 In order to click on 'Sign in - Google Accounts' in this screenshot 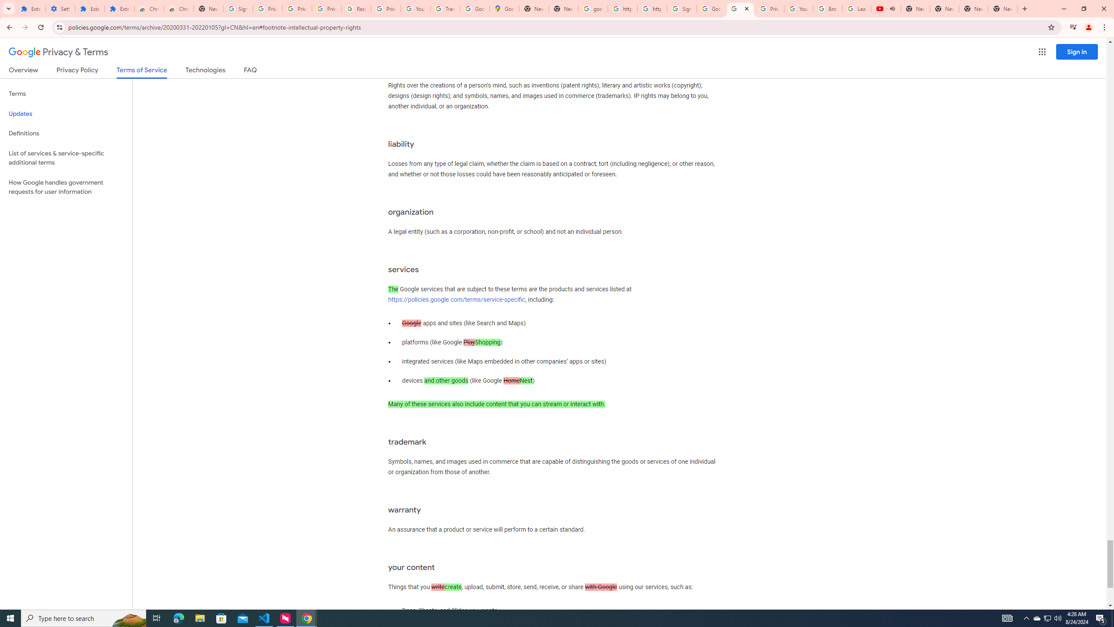, I will do `click(681, 8)`.